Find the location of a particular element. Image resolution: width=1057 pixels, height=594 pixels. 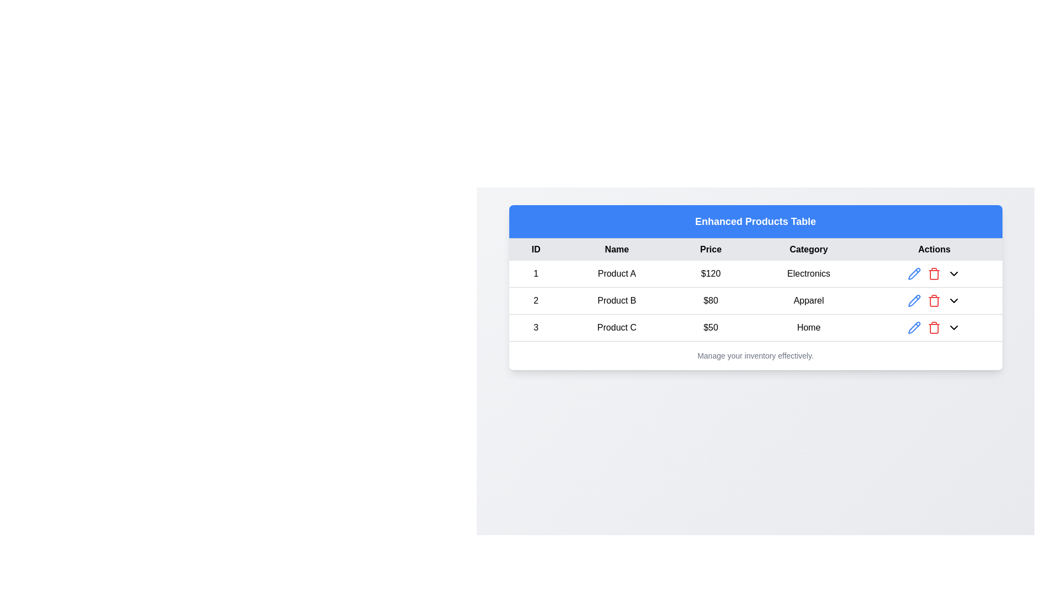

the row representing 'Product B' in the 'Enhanced Products Table' is located at coordinates (755, 301).